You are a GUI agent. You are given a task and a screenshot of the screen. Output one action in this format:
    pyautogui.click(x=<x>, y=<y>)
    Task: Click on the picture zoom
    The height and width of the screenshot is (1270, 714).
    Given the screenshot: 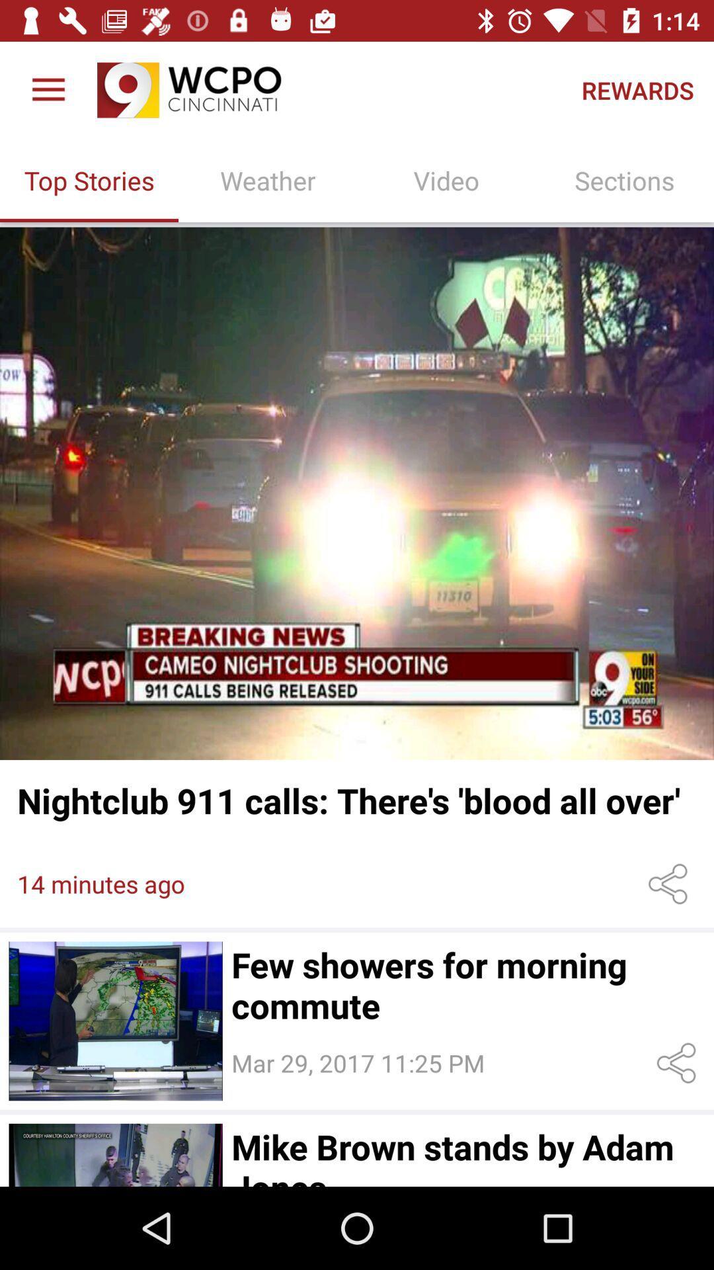 What is the action you would take?
    pyautogui.click(x=357, y=493)
    